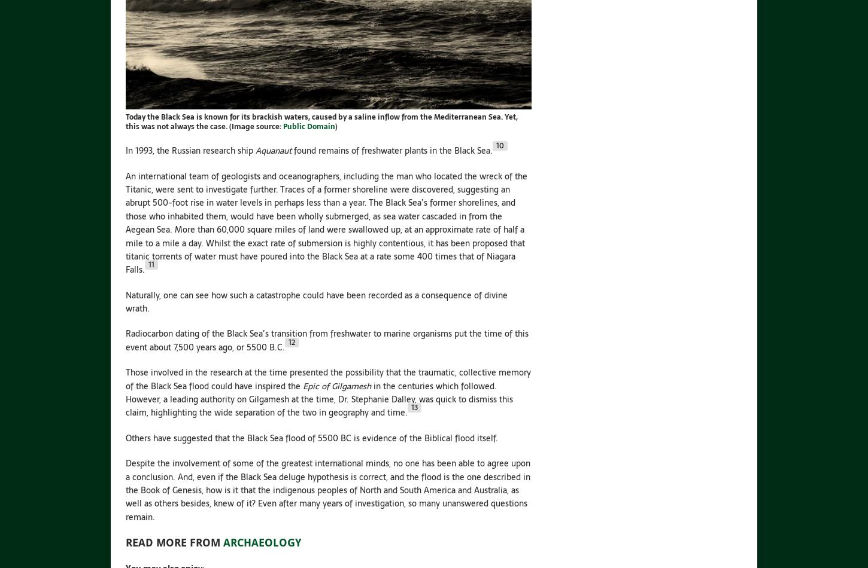  What do you see at coordinates (391, 150) in the screenshot?
I see `'found remains of freshwater plants in the Black Sea.'` at bounding box center [391, 150].